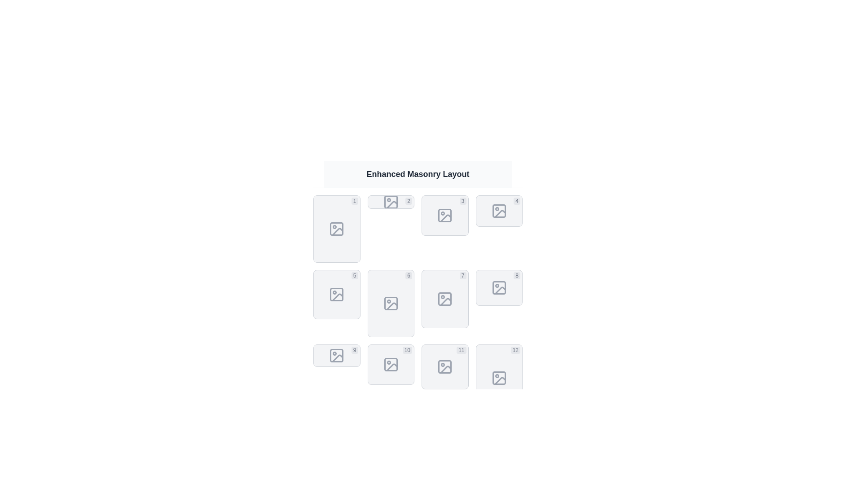 Image resolution: width=862 pixels, height=485 pixels. What do you see at coordinates (391, 202) in the screenshot?
I see `the second Grid Item in the Enhanced Masonry Layout, which has a light gray background and contains a centered image icon with the number '2' in the top-right corner` at bounding box center [391, 202].